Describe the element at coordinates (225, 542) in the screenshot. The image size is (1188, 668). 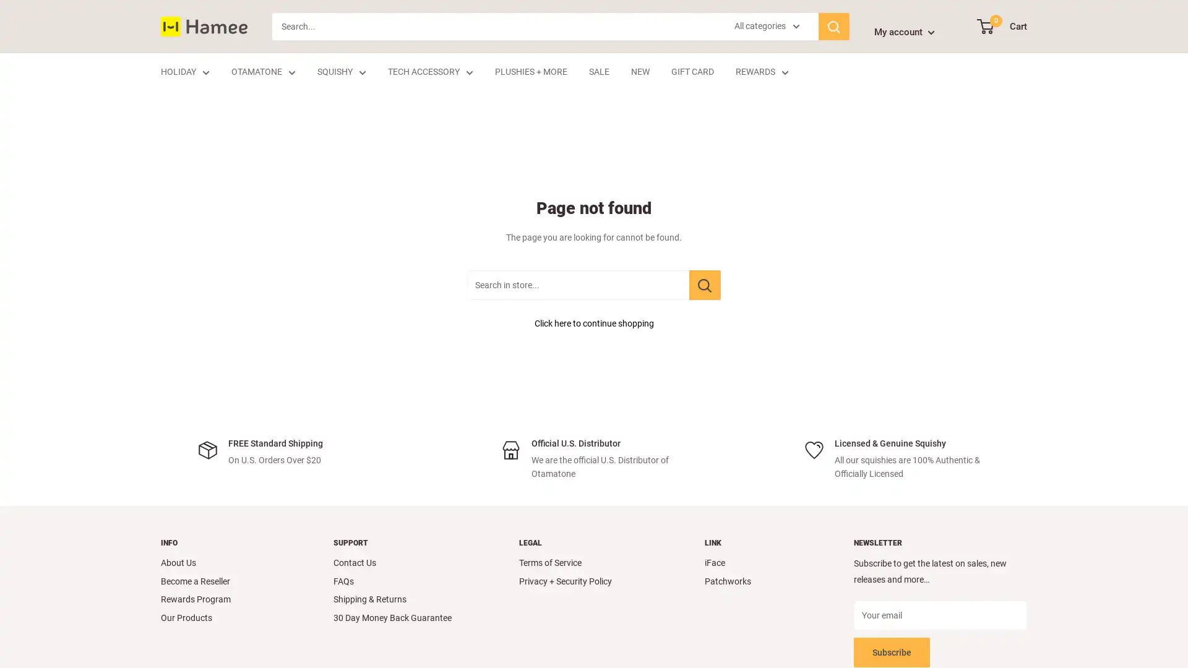
I see `INFO` at that location.